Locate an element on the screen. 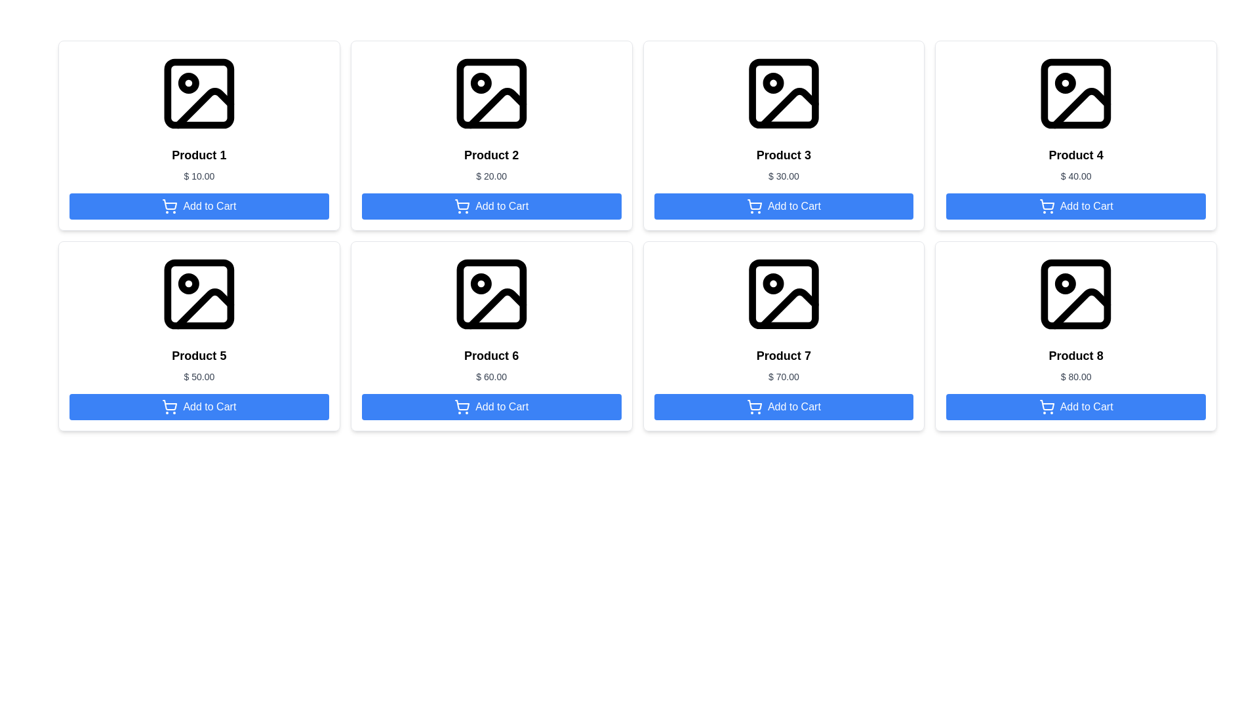  price text label displaying '$30.00' located within the third product card from the left, below the title 'Product 3' is located at coordinates (784, 176).